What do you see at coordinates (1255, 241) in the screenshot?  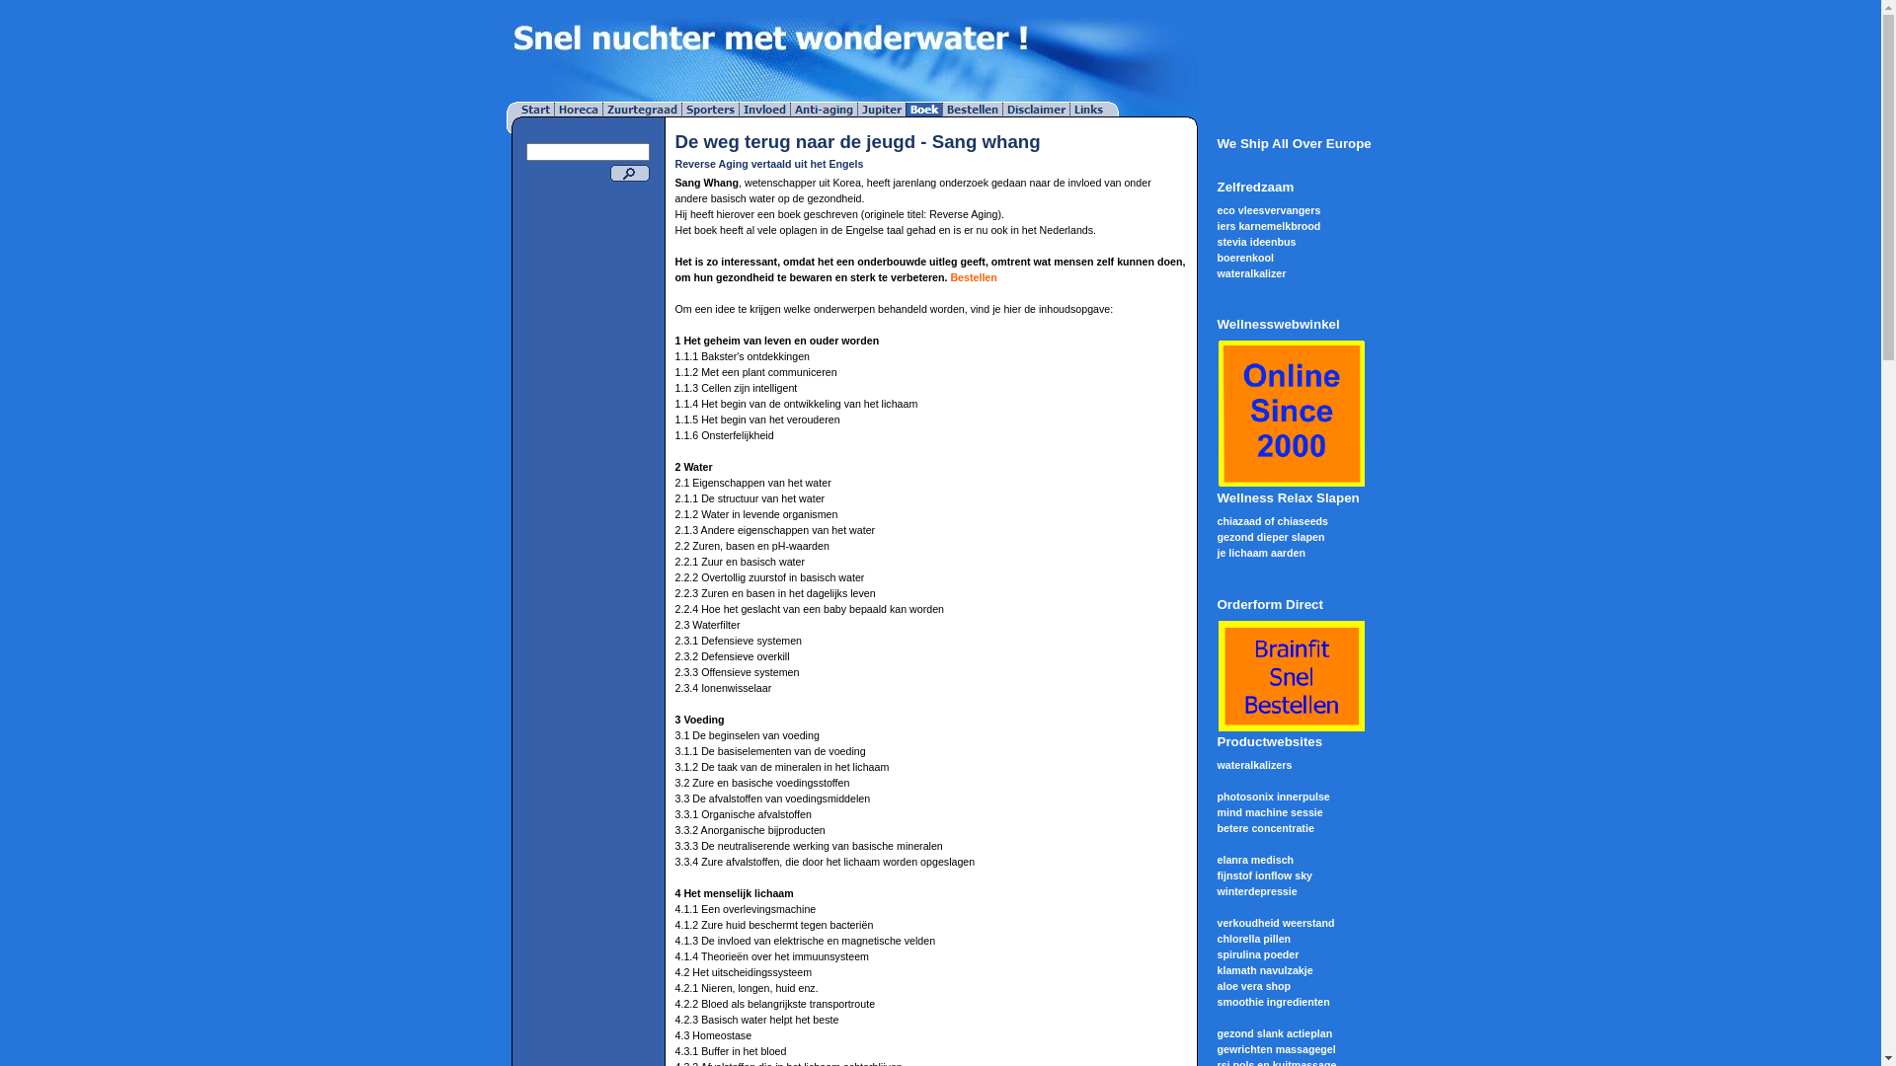 I see `'stevia ideenbus'` at bounding box center [1255, 241].